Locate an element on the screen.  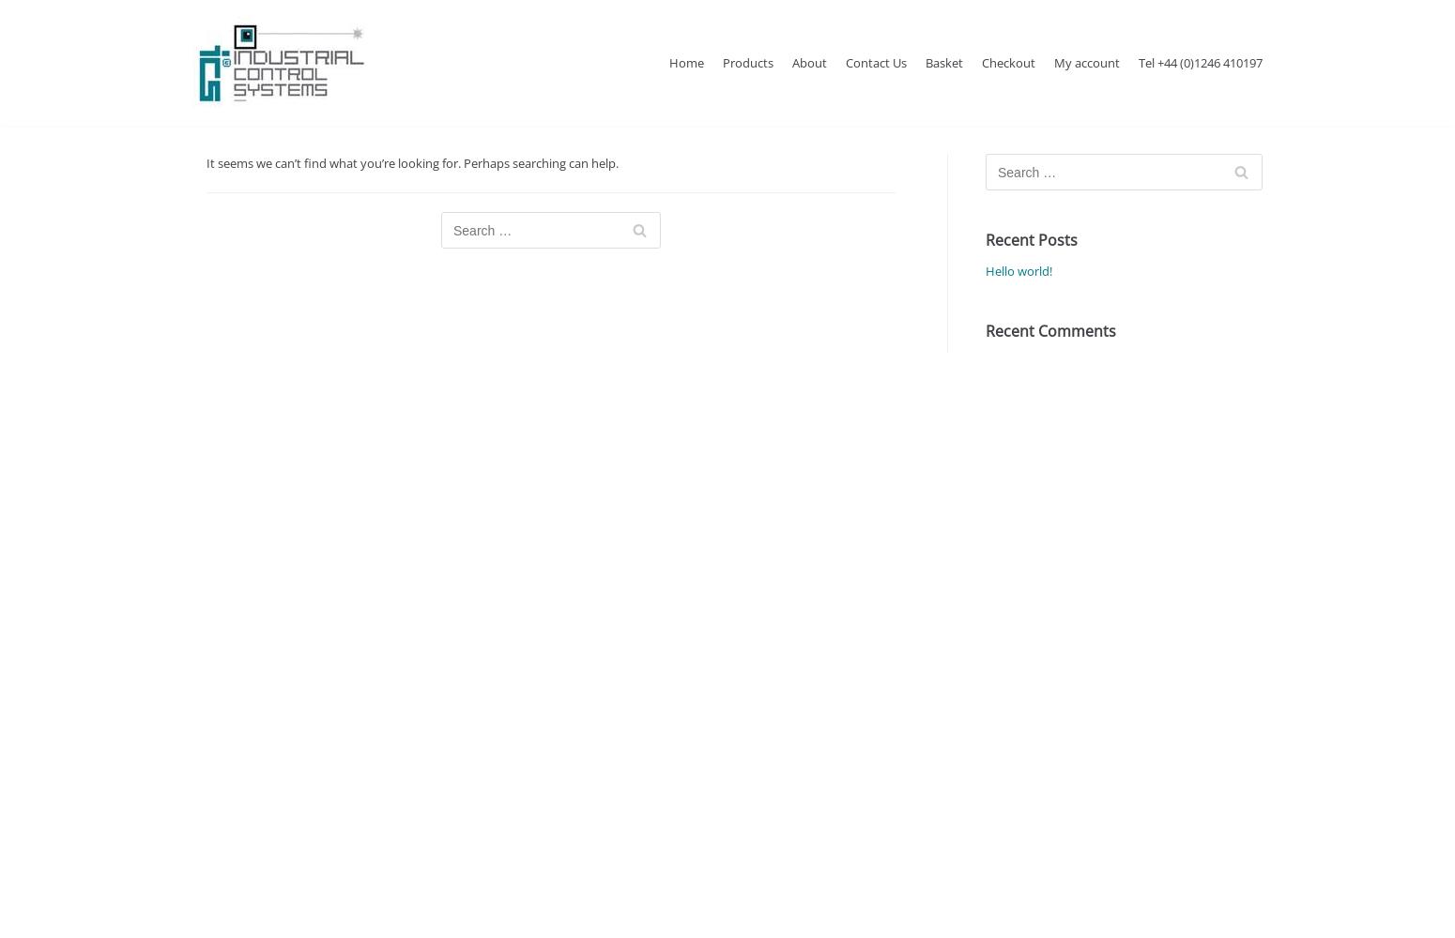
'Hello world!' is located at coordinates (985, 271).